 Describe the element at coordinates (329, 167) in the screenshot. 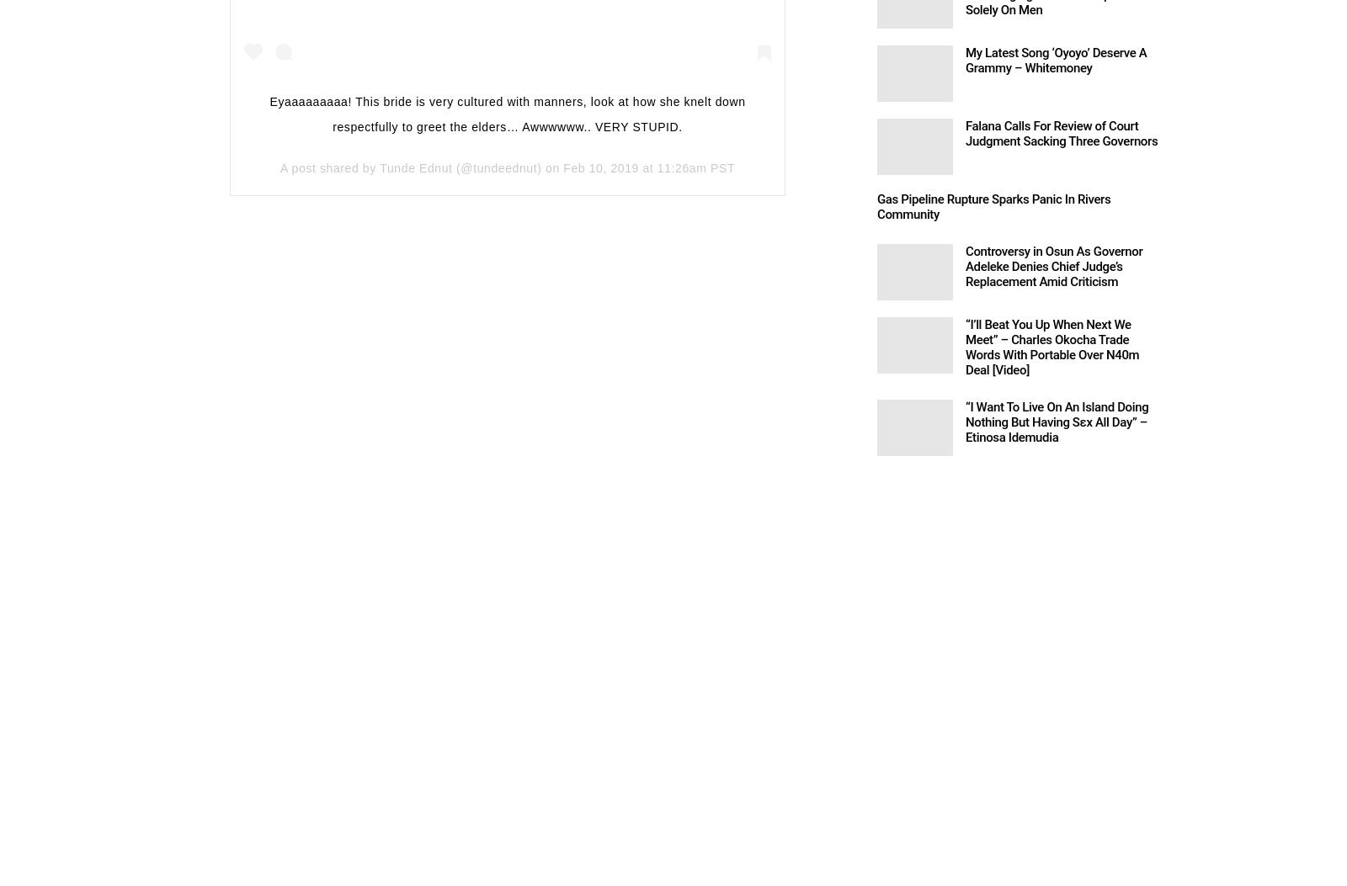

I see `'A post shared by'` at that location.